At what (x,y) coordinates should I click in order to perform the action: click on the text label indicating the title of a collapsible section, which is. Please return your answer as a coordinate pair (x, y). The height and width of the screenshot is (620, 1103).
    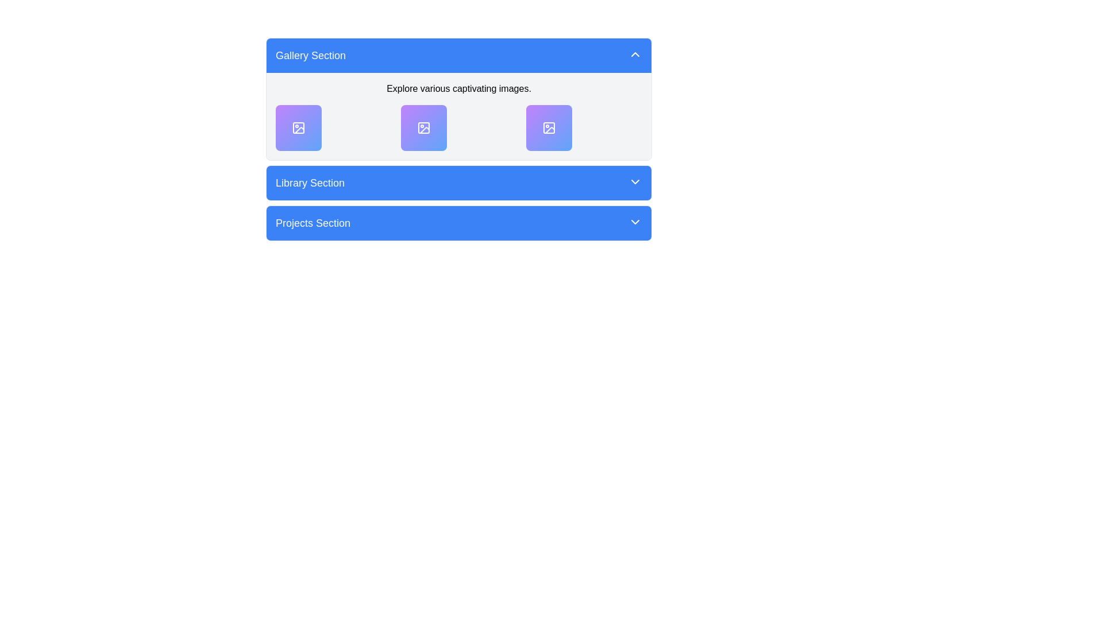
    Looking at the image, I should click on (313, 223).